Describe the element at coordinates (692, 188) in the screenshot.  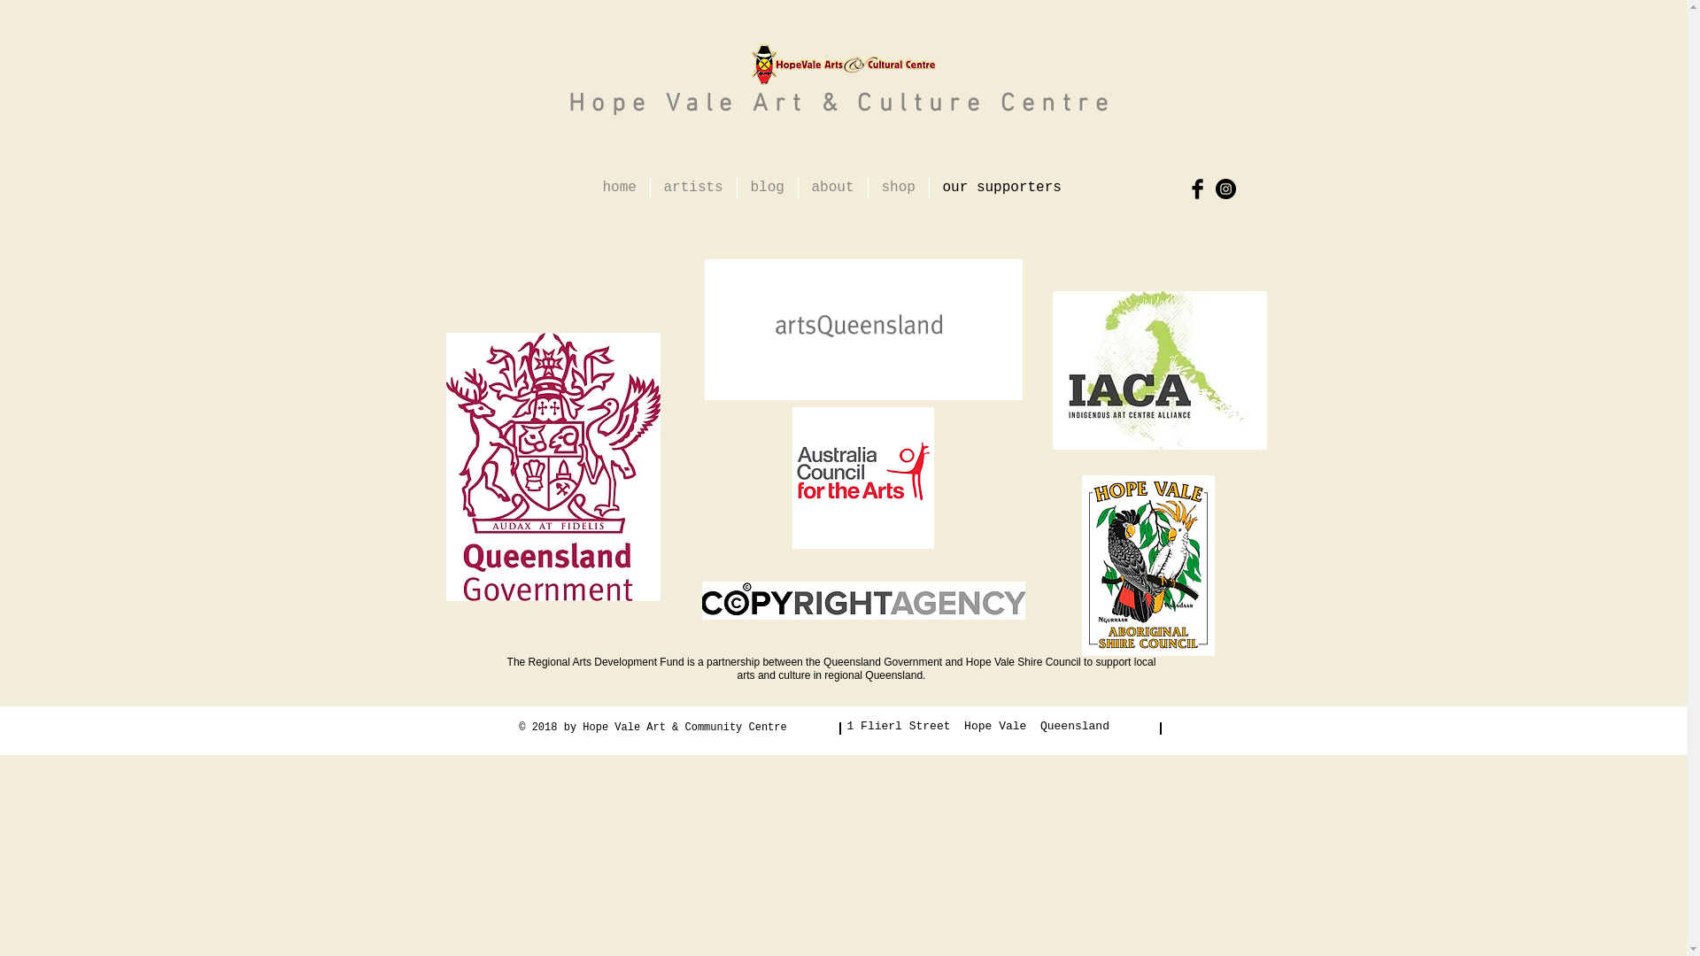
I see `'artists'` at that location.